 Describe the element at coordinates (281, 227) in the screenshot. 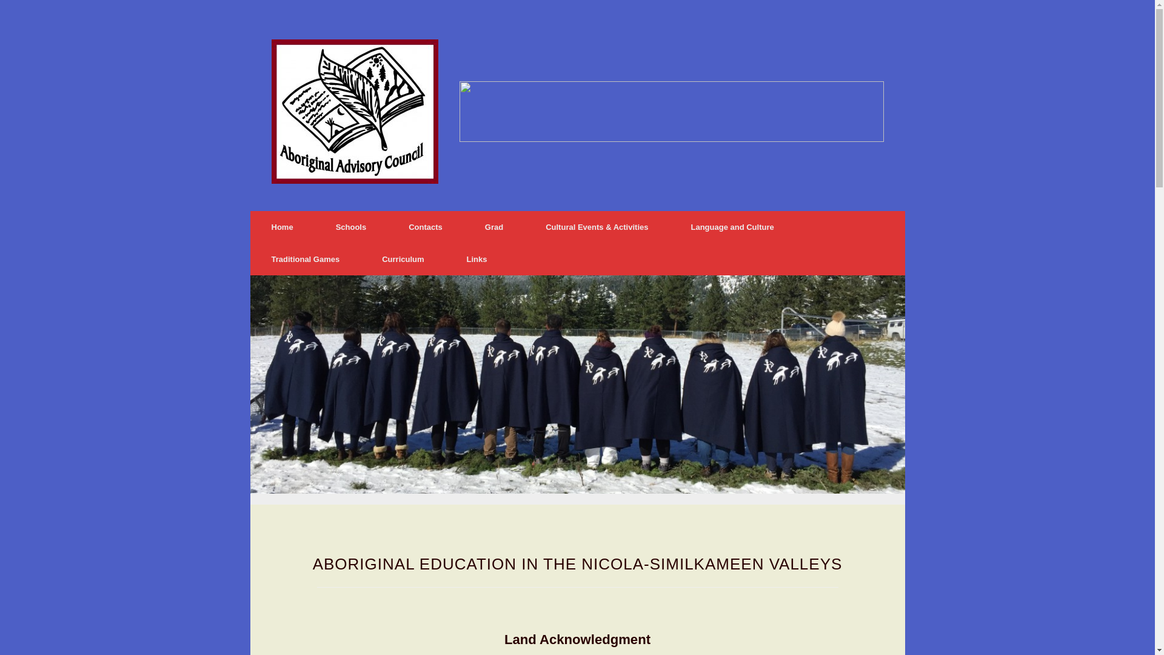

I see `'Home'` at that location.